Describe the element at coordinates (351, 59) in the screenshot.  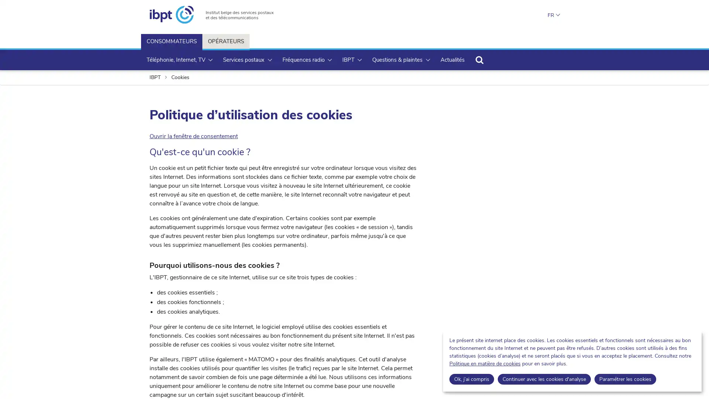
I see `IBPT` at that location.